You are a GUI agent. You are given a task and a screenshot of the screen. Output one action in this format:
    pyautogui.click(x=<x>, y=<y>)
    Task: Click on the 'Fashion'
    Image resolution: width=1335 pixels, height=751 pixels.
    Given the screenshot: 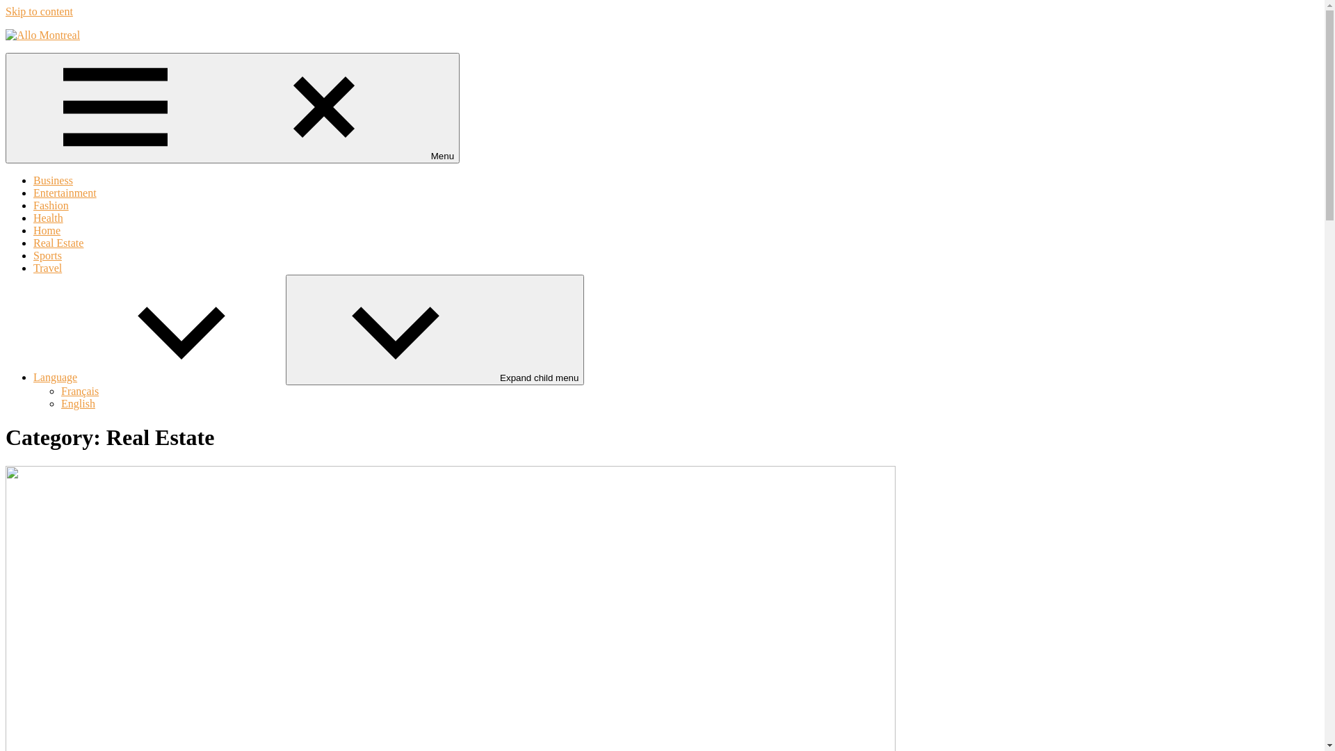 What is the action you would take?
    pyautogui.click(x=51, y=205)
    